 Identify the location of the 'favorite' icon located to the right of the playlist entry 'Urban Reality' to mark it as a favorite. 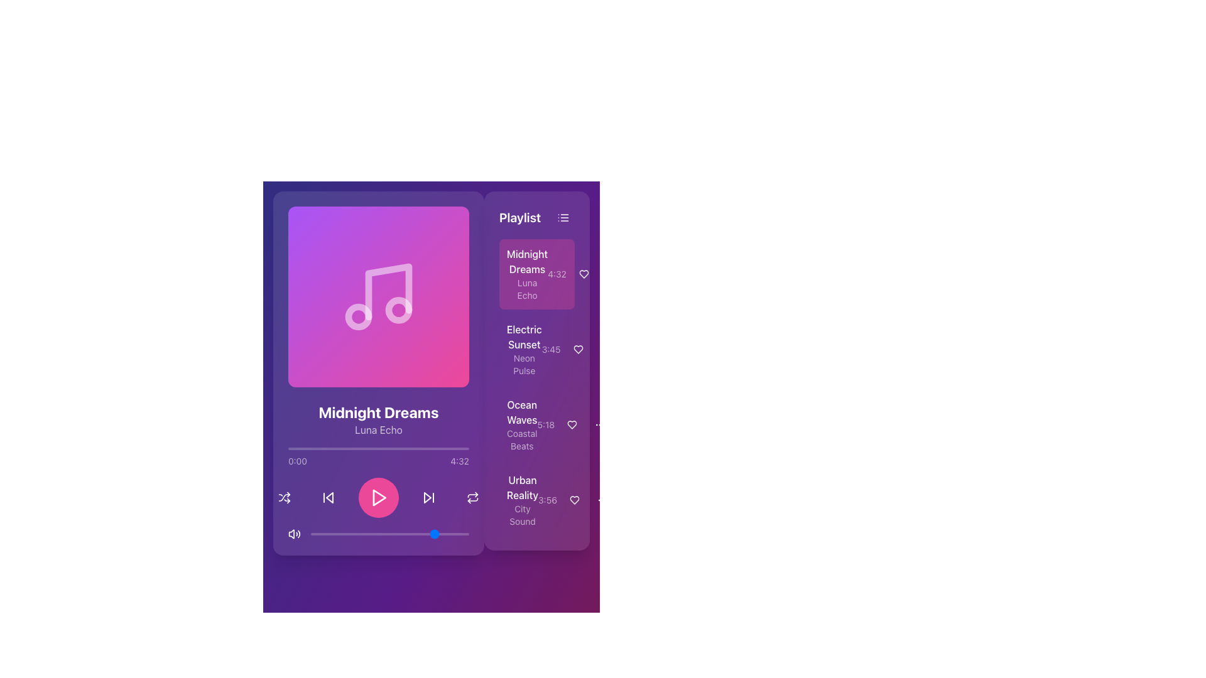
(574, 500).